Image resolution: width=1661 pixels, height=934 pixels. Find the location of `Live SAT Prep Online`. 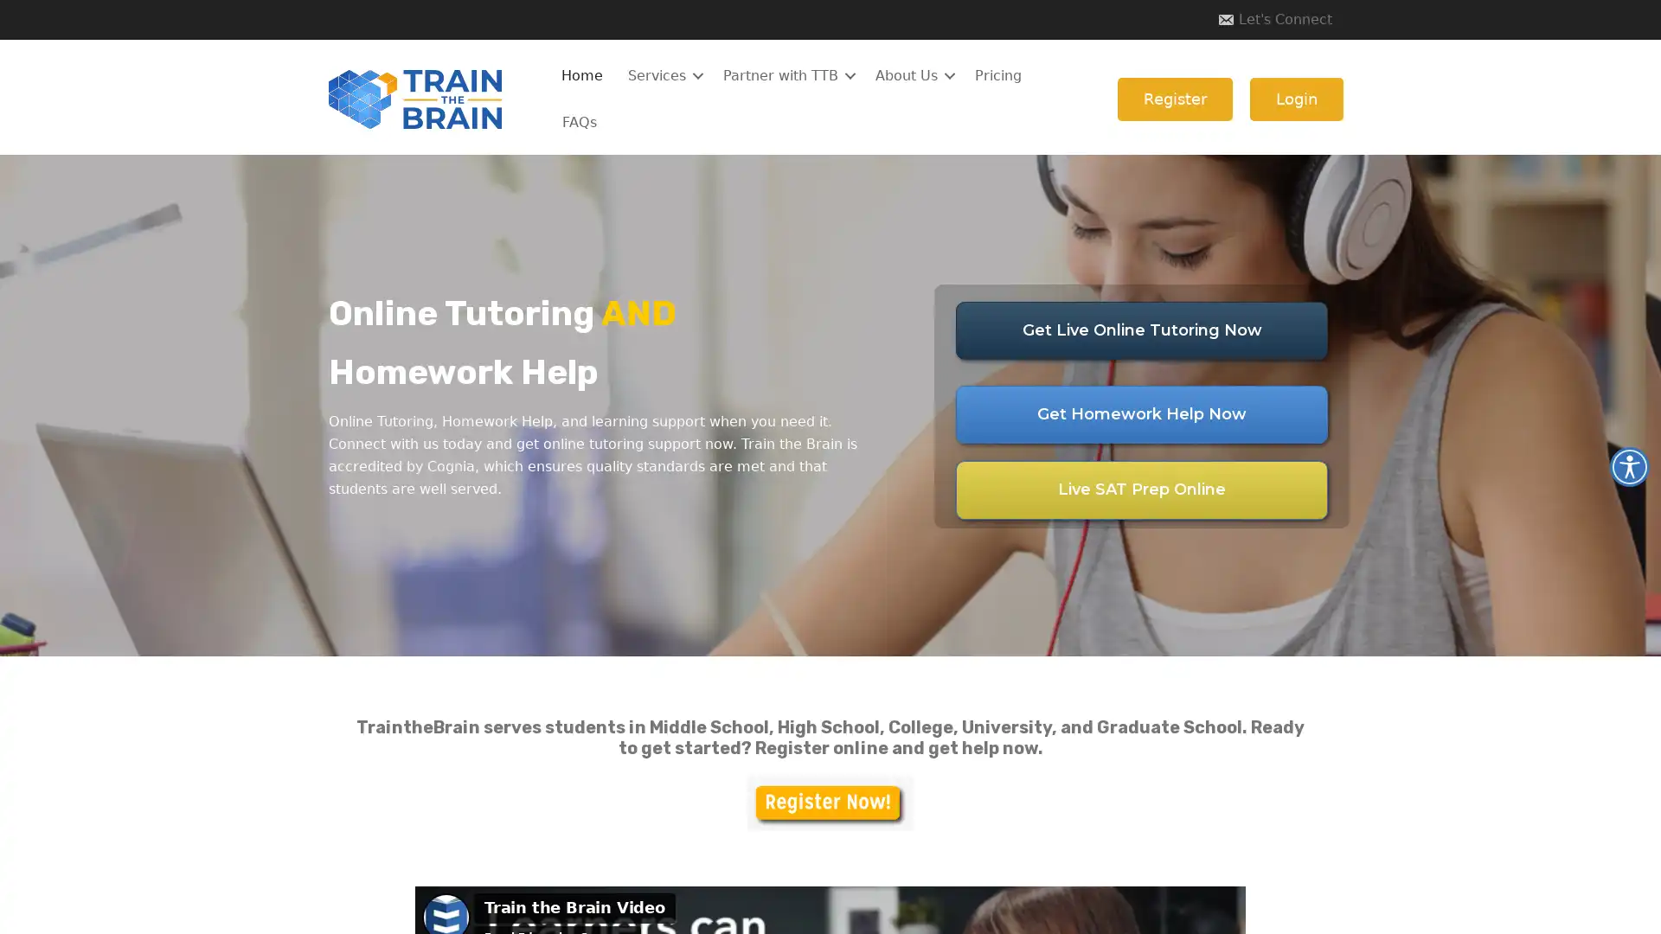

Live SAT Prep Online is located at coordinates (1142, 489).